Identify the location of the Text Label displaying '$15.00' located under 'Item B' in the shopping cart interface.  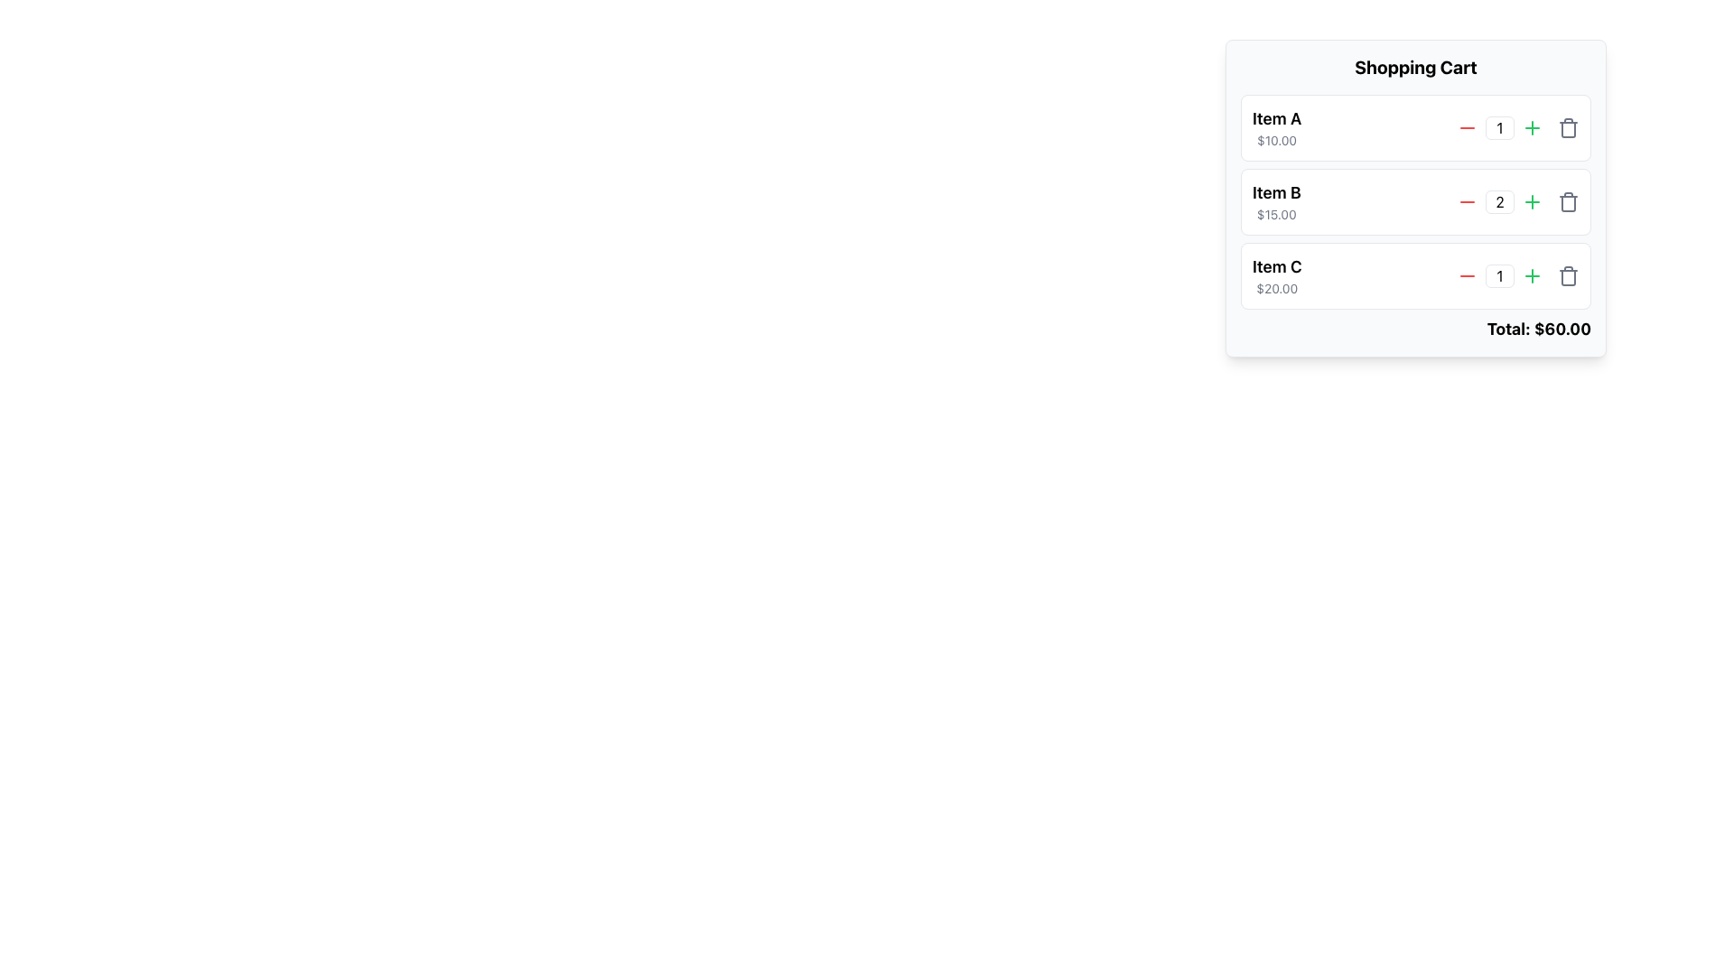
(1275, 214).